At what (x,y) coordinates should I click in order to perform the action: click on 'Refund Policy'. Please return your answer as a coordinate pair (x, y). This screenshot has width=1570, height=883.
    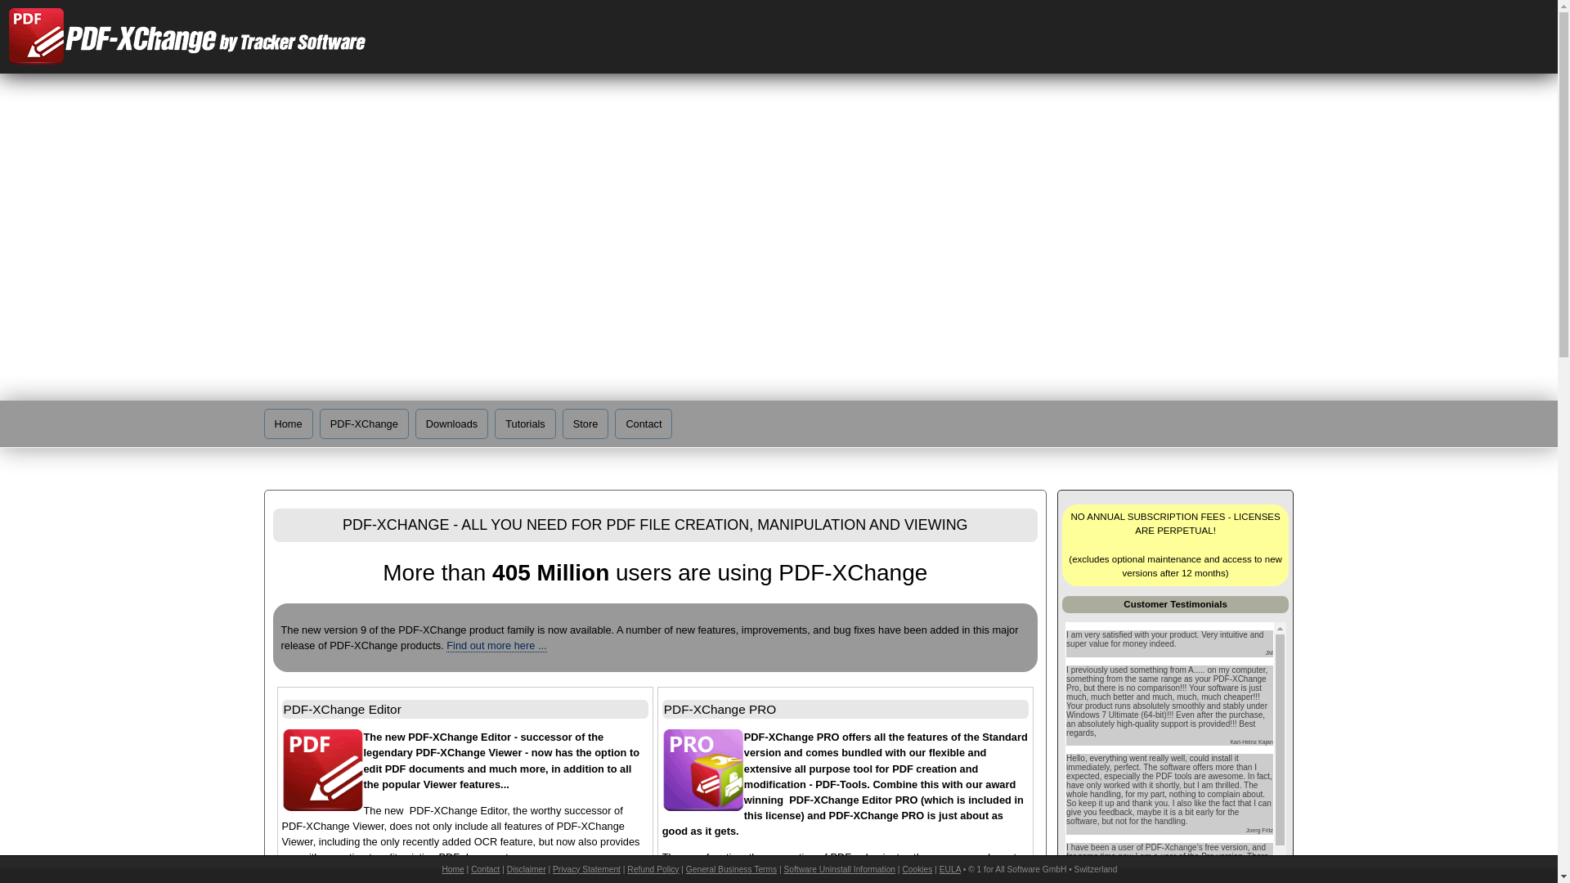
    Looking at the image, I should click on (652, 868).